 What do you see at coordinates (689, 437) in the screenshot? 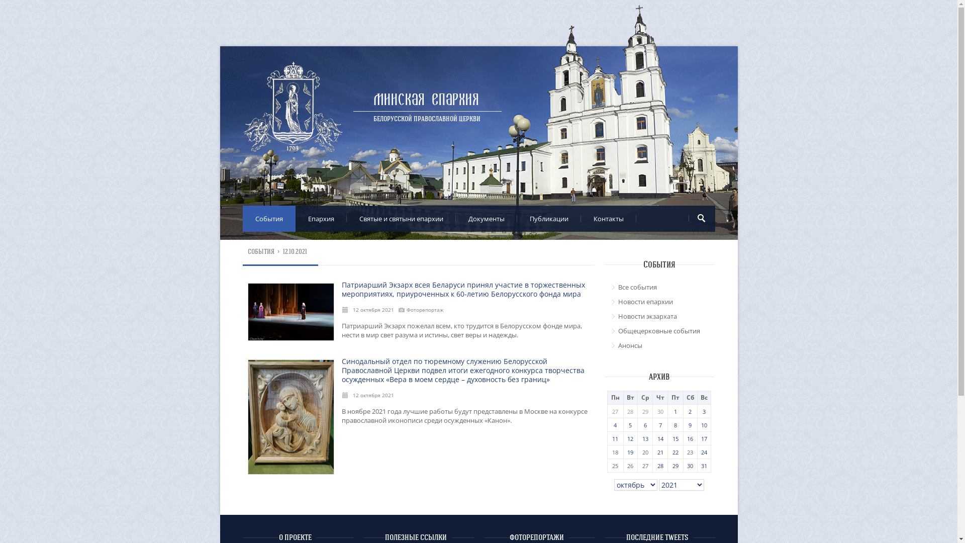
I see `'16'` at bounding box center [689, 437].